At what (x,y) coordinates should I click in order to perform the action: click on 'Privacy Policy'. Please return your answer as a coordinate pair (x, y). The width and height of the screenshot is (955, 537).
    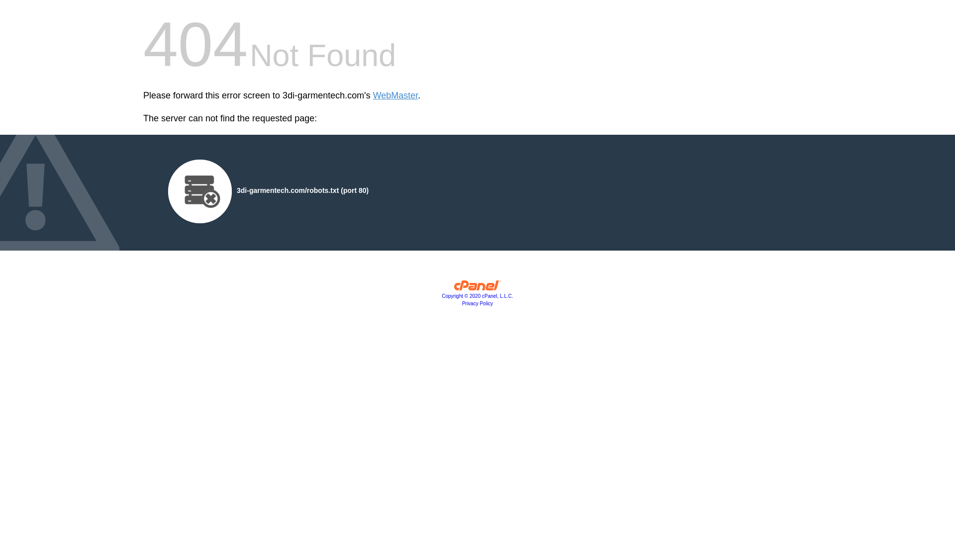
    Looking at the image, I should click on (477, 303).